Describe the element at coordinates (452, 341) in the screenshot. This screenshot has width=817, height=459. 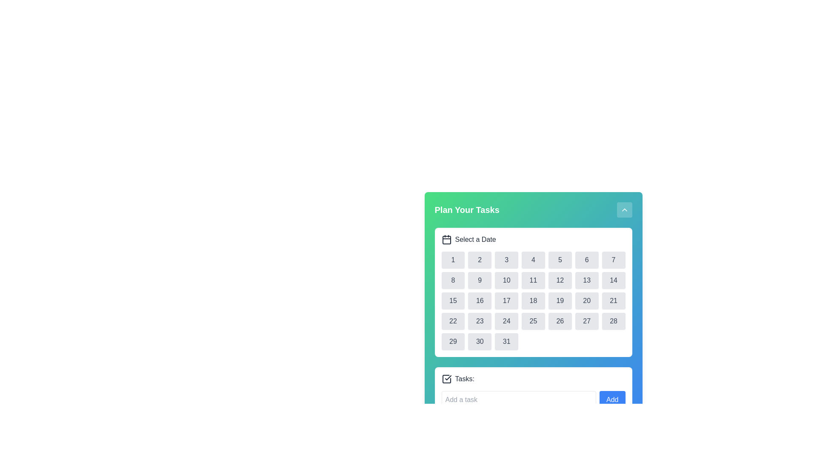
I see `the clickable calendar date tile displaying the number '29', which is a rounded rectangular tile with a gray background` at that location.